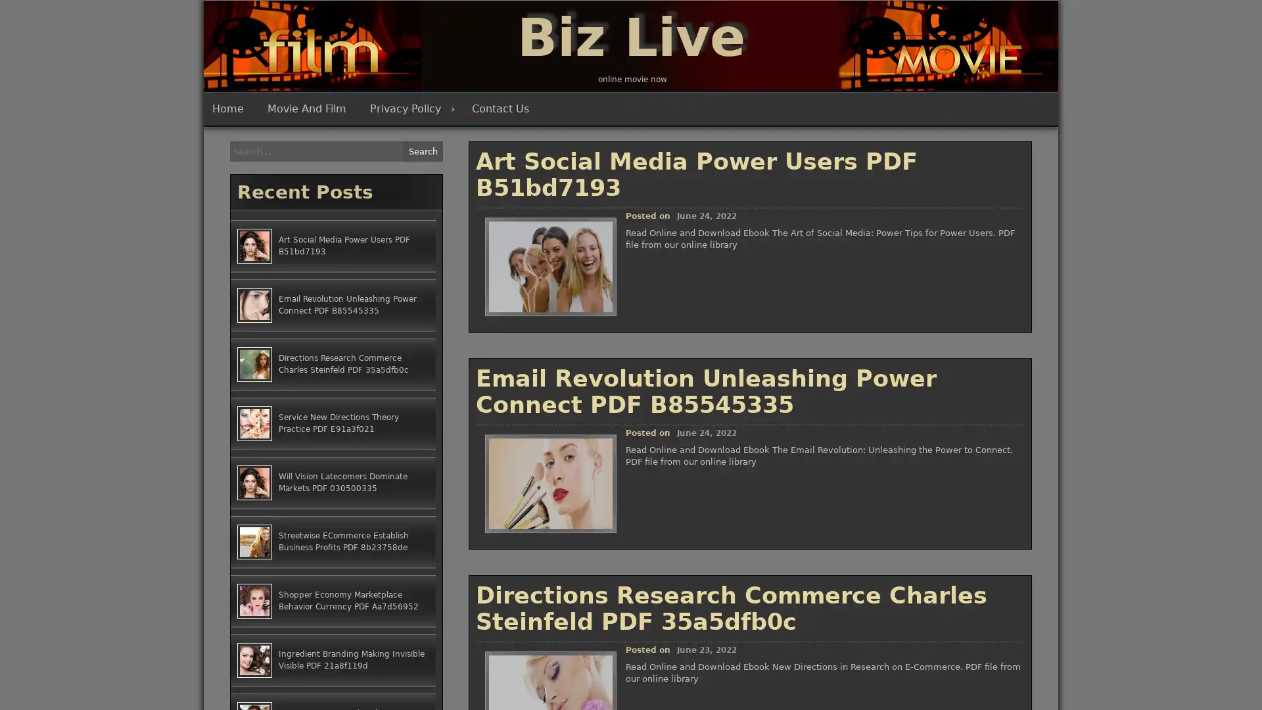 The height and width of the screenshot is (710, 1262). Describe the element at coordinates (423, 151) in the screenshot. I see `Search` at that location.